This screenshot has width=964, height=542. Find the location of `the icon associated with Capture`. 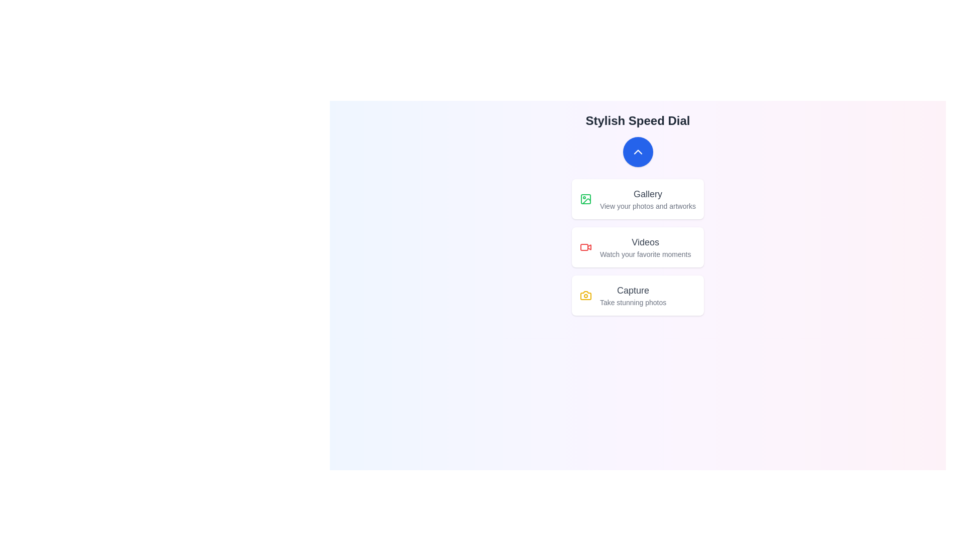

the icon associated with Capture is located at coordinates (585, 295).